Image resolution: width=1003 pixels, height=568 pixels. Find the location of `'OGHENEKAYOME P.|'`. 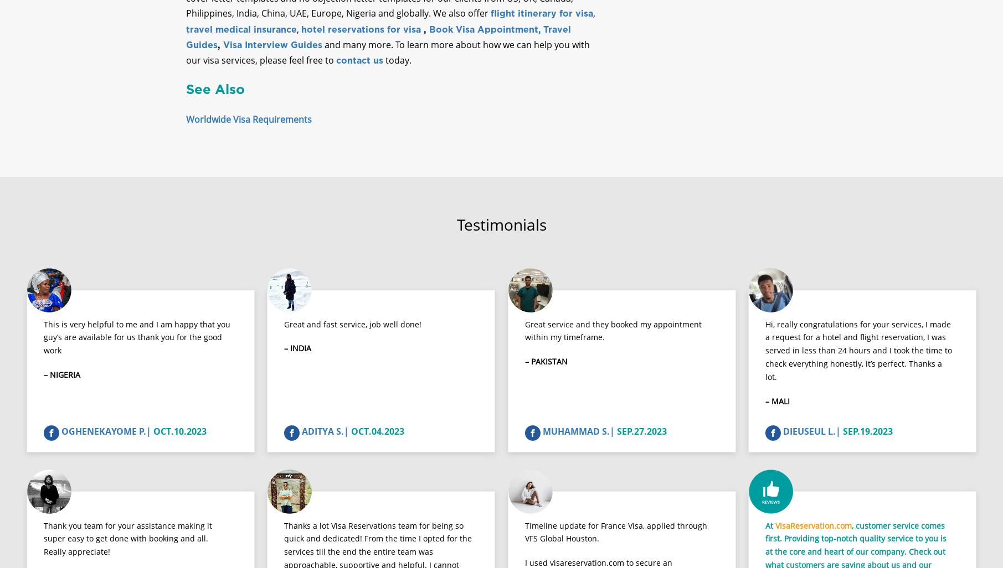

'OGHENEKAYOME P.|' is located at coordinates (105, 440).